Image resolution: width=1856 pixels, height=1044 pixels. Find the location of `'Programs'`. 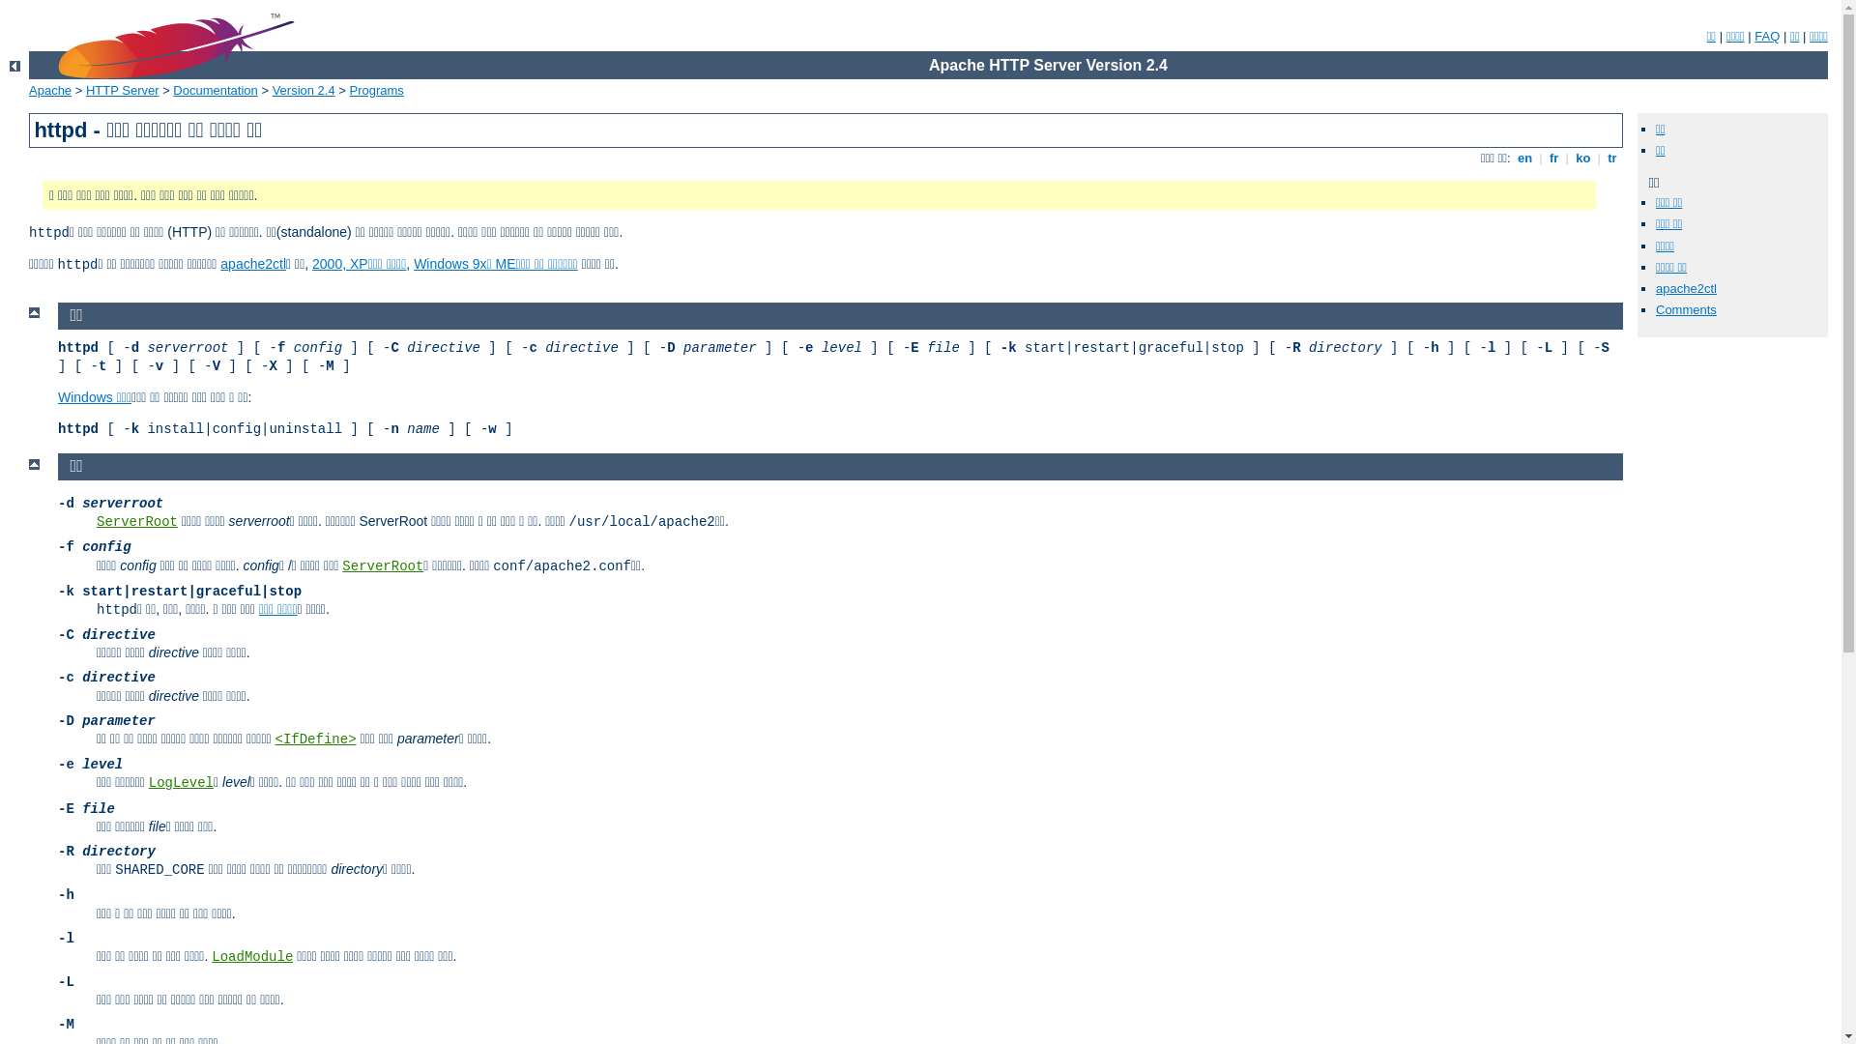

'Programs' is located at coordinates (376, 90).